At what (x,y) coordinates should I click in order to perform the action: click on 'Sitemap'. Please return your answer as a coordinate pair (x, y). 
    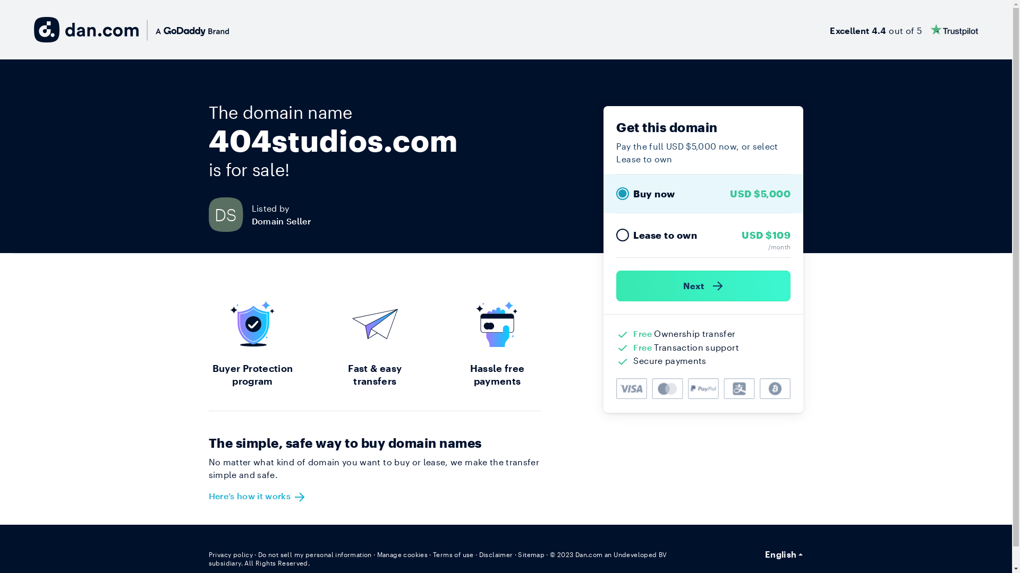
    Looking at the image, I should click on (531, 554).